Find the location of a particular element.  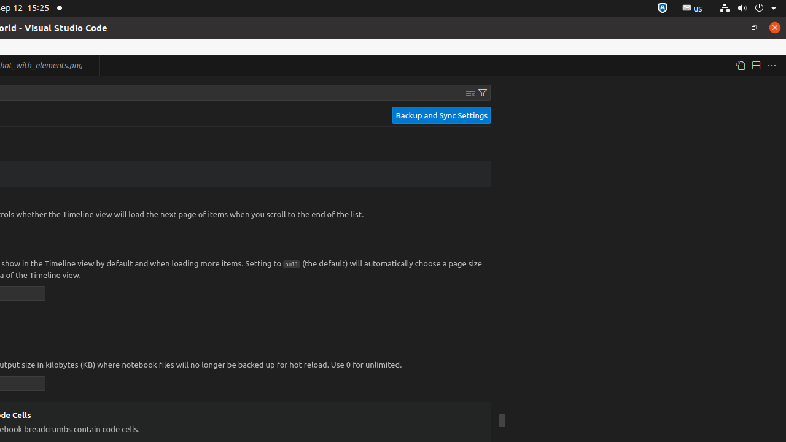

'Clear Settings Search Input' is located at coordinates (469, 91).